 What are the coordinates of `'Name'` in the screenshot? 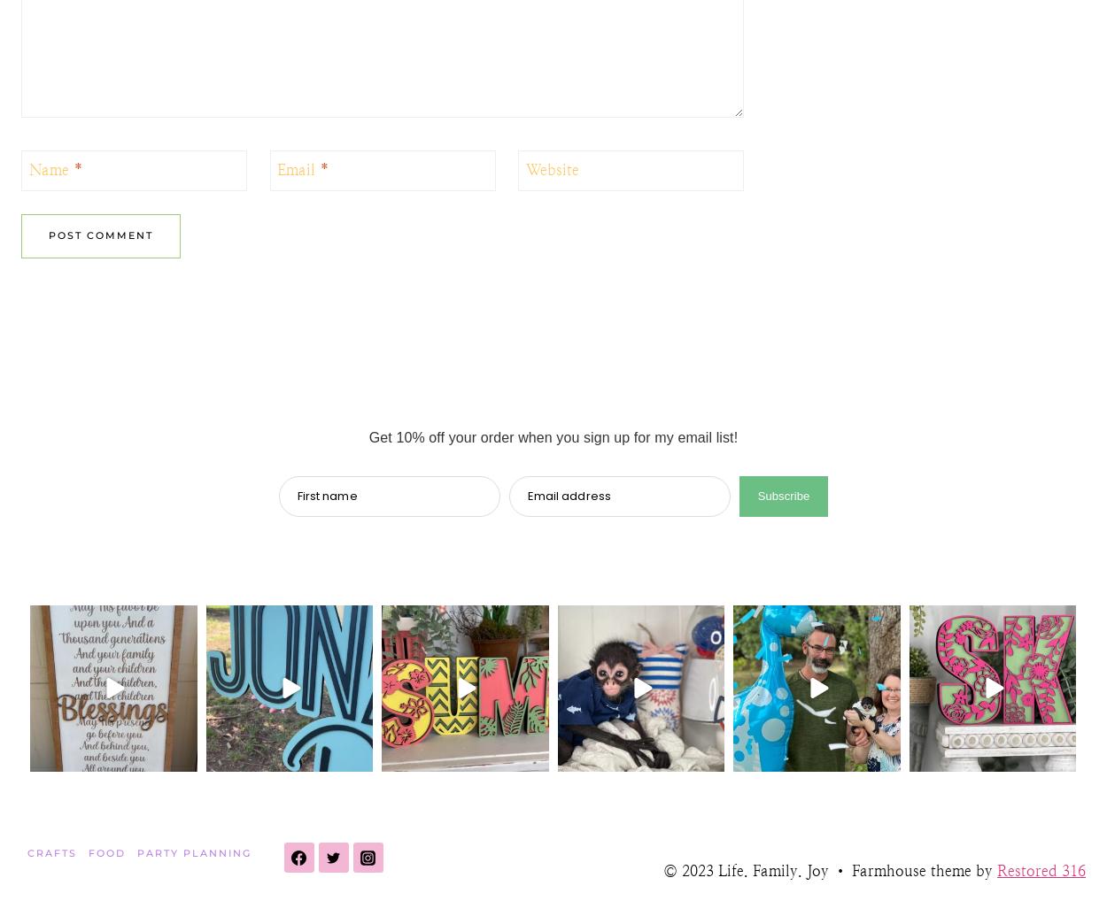 It's located at (50, 168).